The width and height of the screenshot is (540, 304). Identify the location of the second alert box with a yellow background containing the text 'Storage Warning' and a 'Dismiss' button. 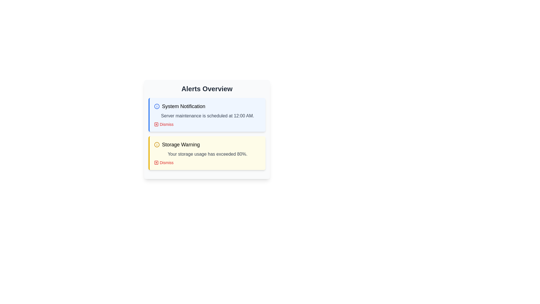
(206, 153).